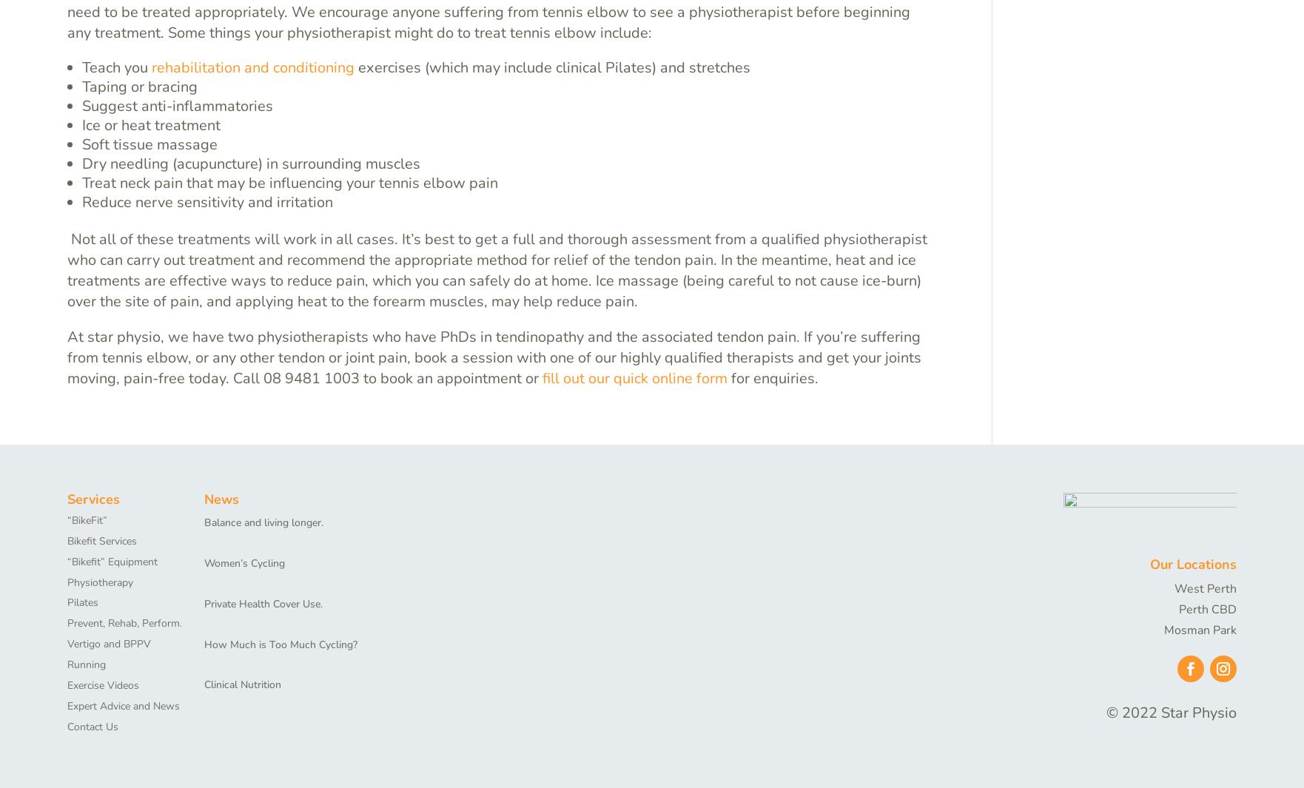 The image size is (1304, 788). What do you see at coordinates (244, 562) in the screenshot?
I see `'Women’s Cycling'` at bounding box center [244, 562].